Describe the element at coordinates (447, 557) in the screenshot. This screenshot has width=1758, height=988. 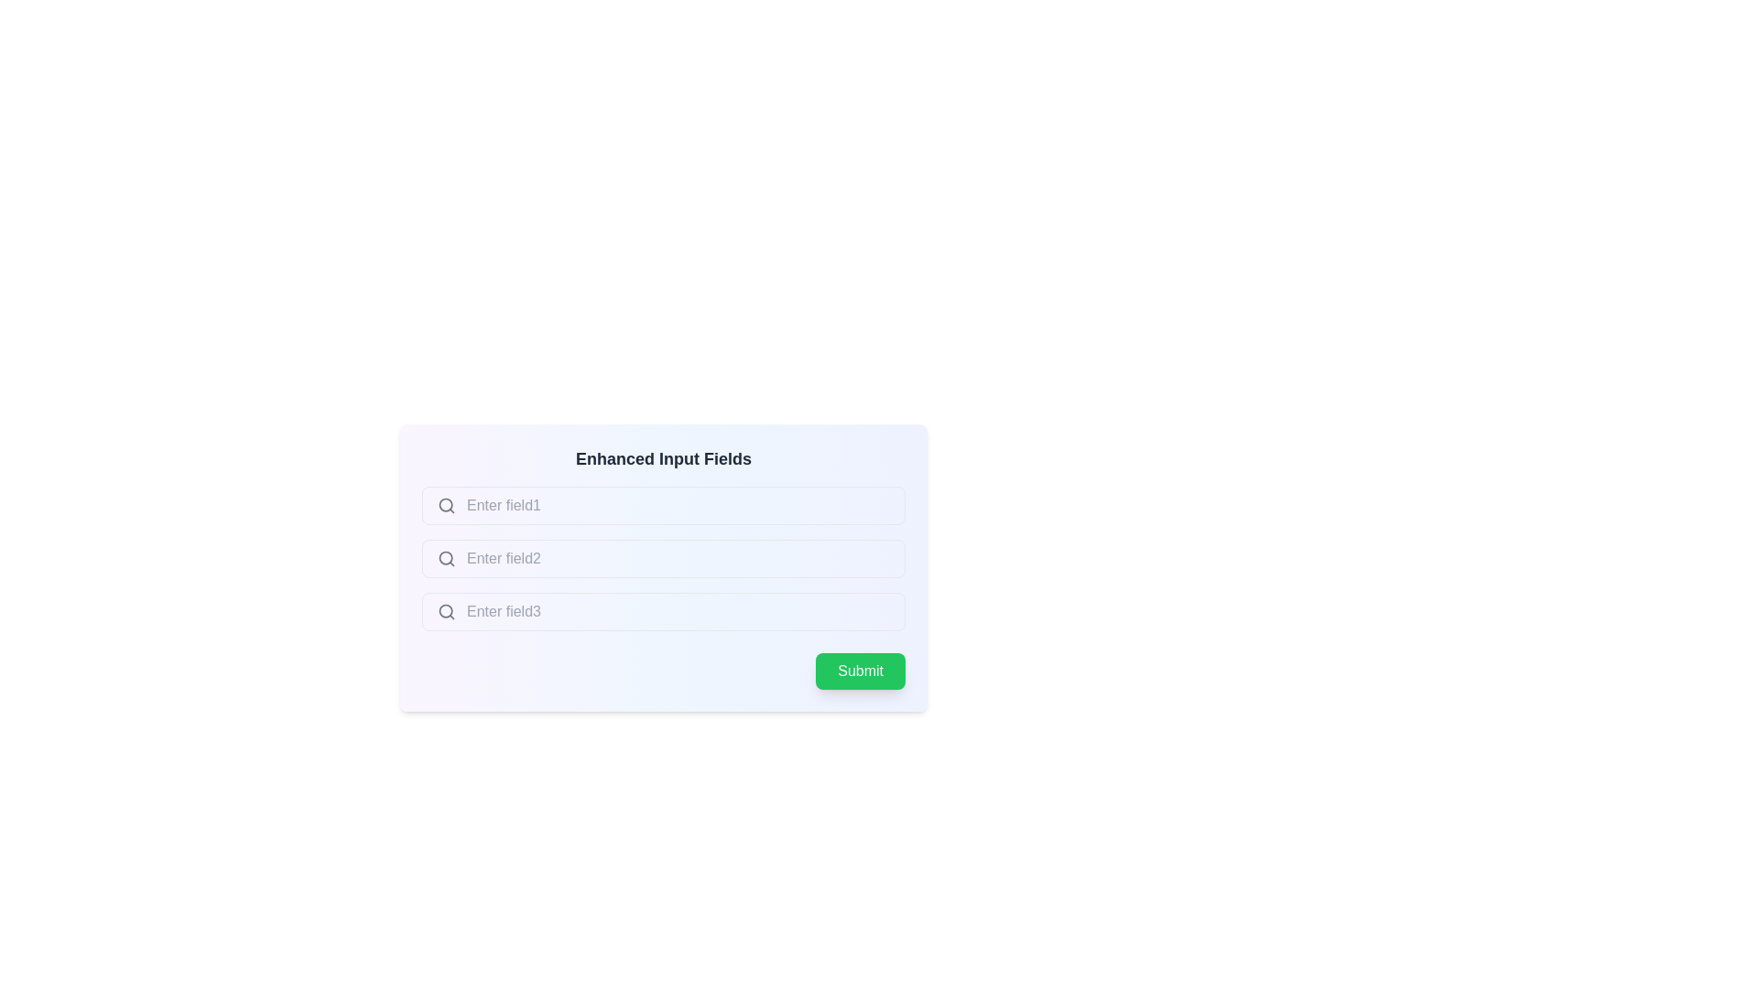
I see `the SVG Icon that indicates the search functionality for the second input field, positioned to the left of the placeholder text 'Enter field2'` at that location.